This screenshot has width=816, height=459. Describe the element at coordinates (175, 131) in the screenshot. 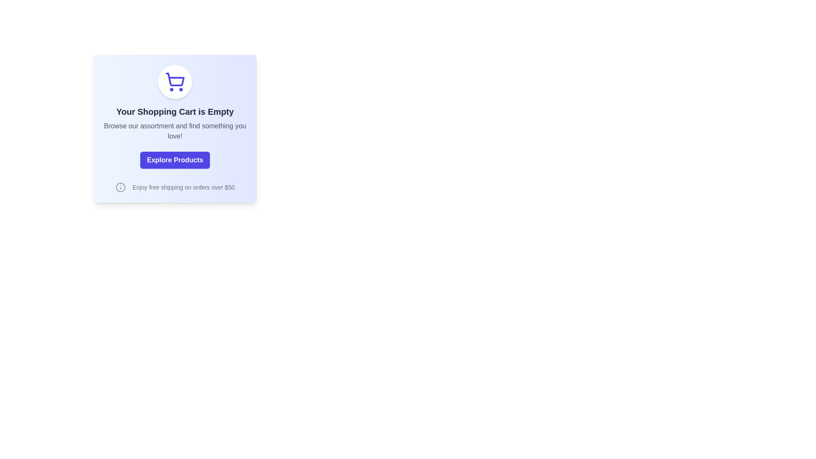

I see `the text element displaying 'Browse our assortment and find something you love!', which is positioned below the title 'Your Shopping Cart is Empty' and above the 'Explore Products' button` at that location.